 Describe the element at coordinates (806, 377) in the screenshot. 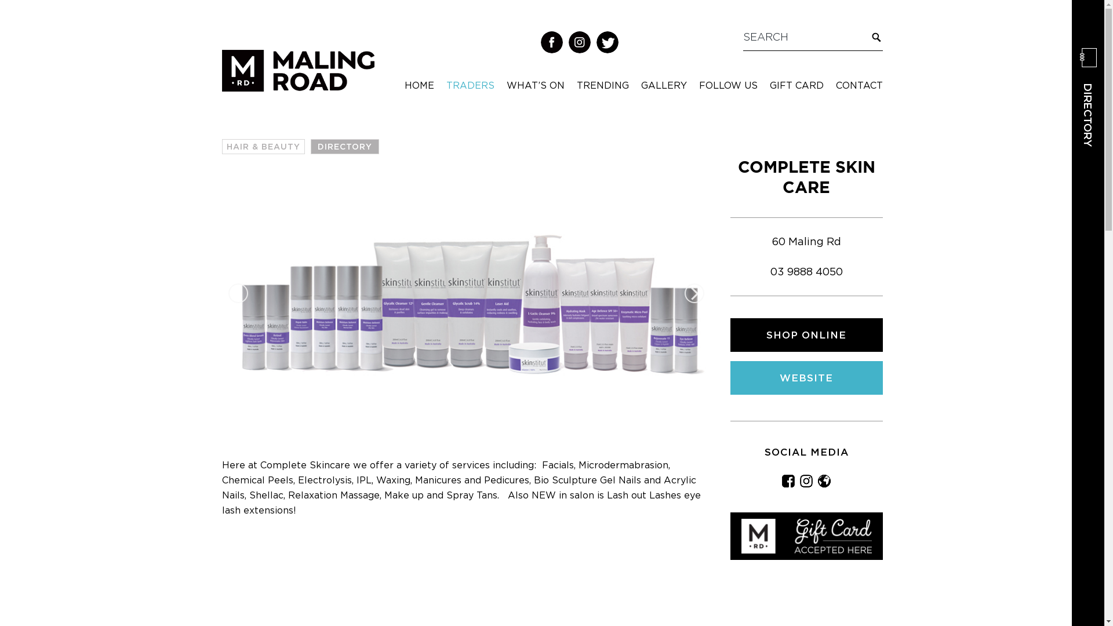

I see `'WEBSITE'` at that location.